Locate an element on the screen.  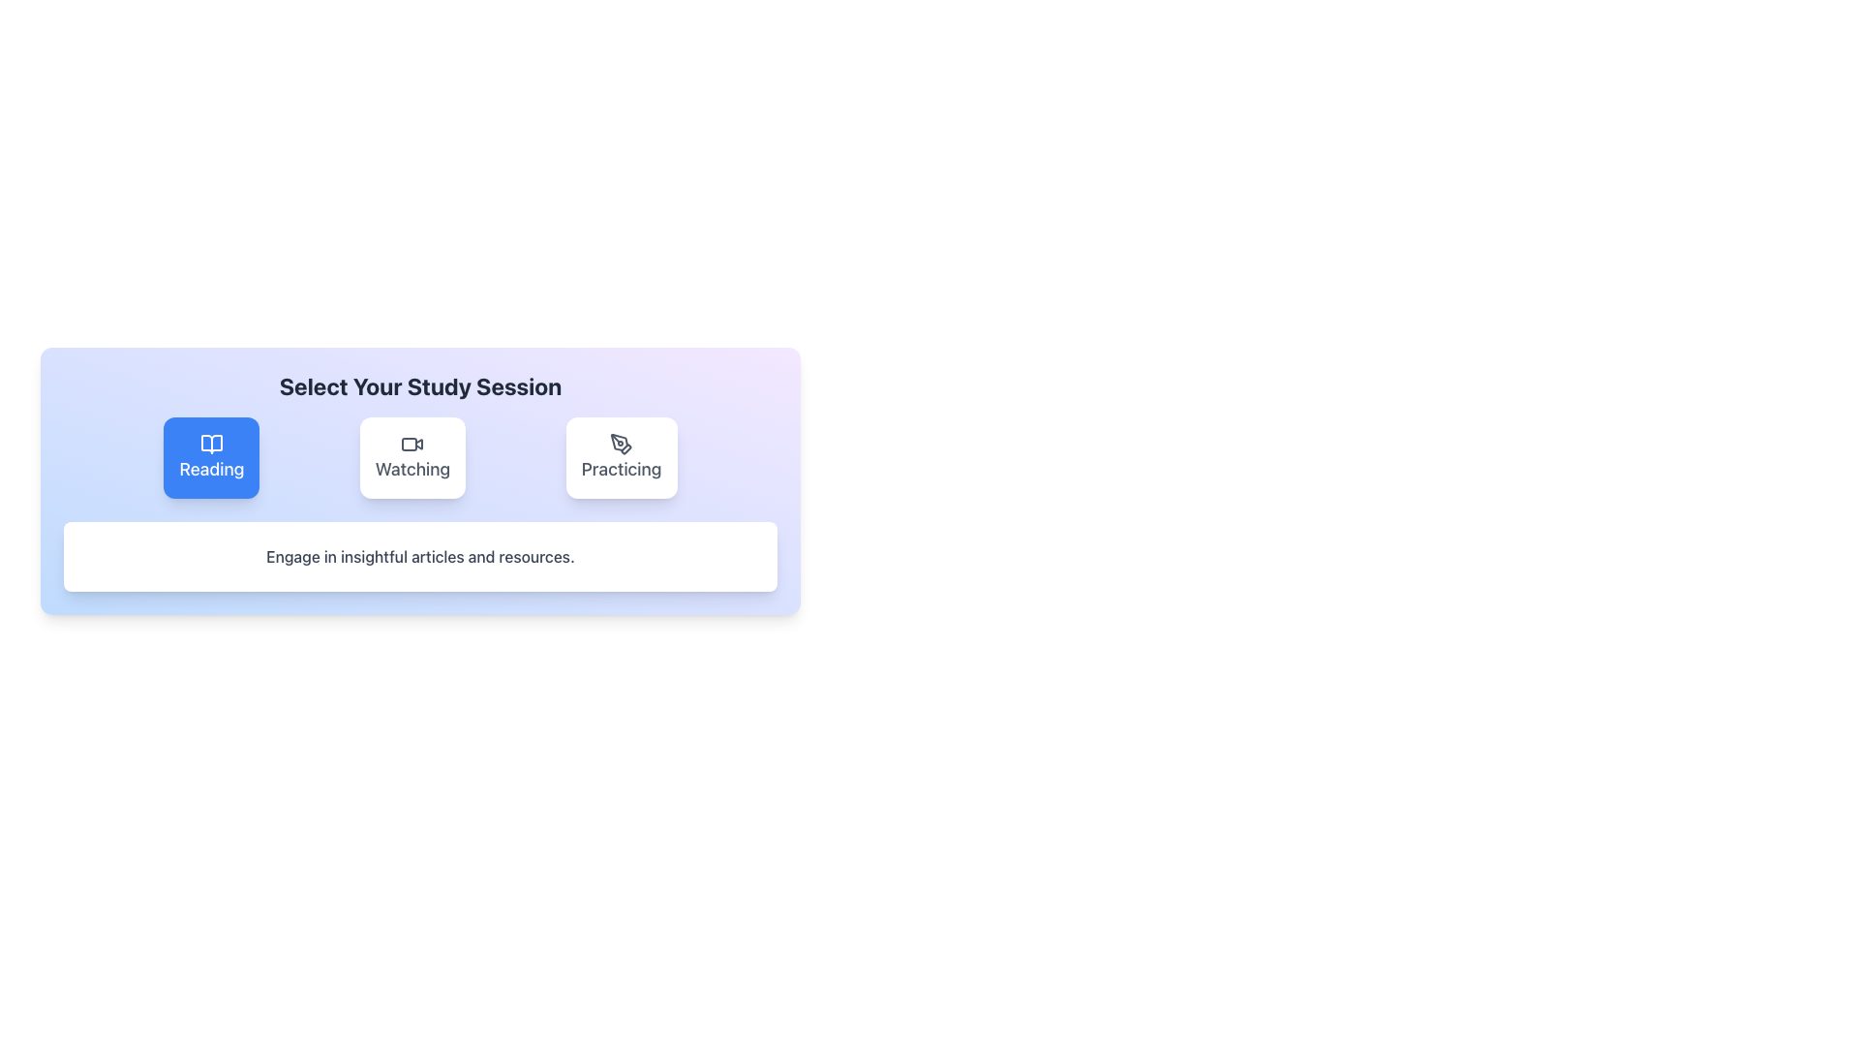
the lower-right segment of the pen icon representing the 'Practicing' activity option is located at coordinates (626, 448).